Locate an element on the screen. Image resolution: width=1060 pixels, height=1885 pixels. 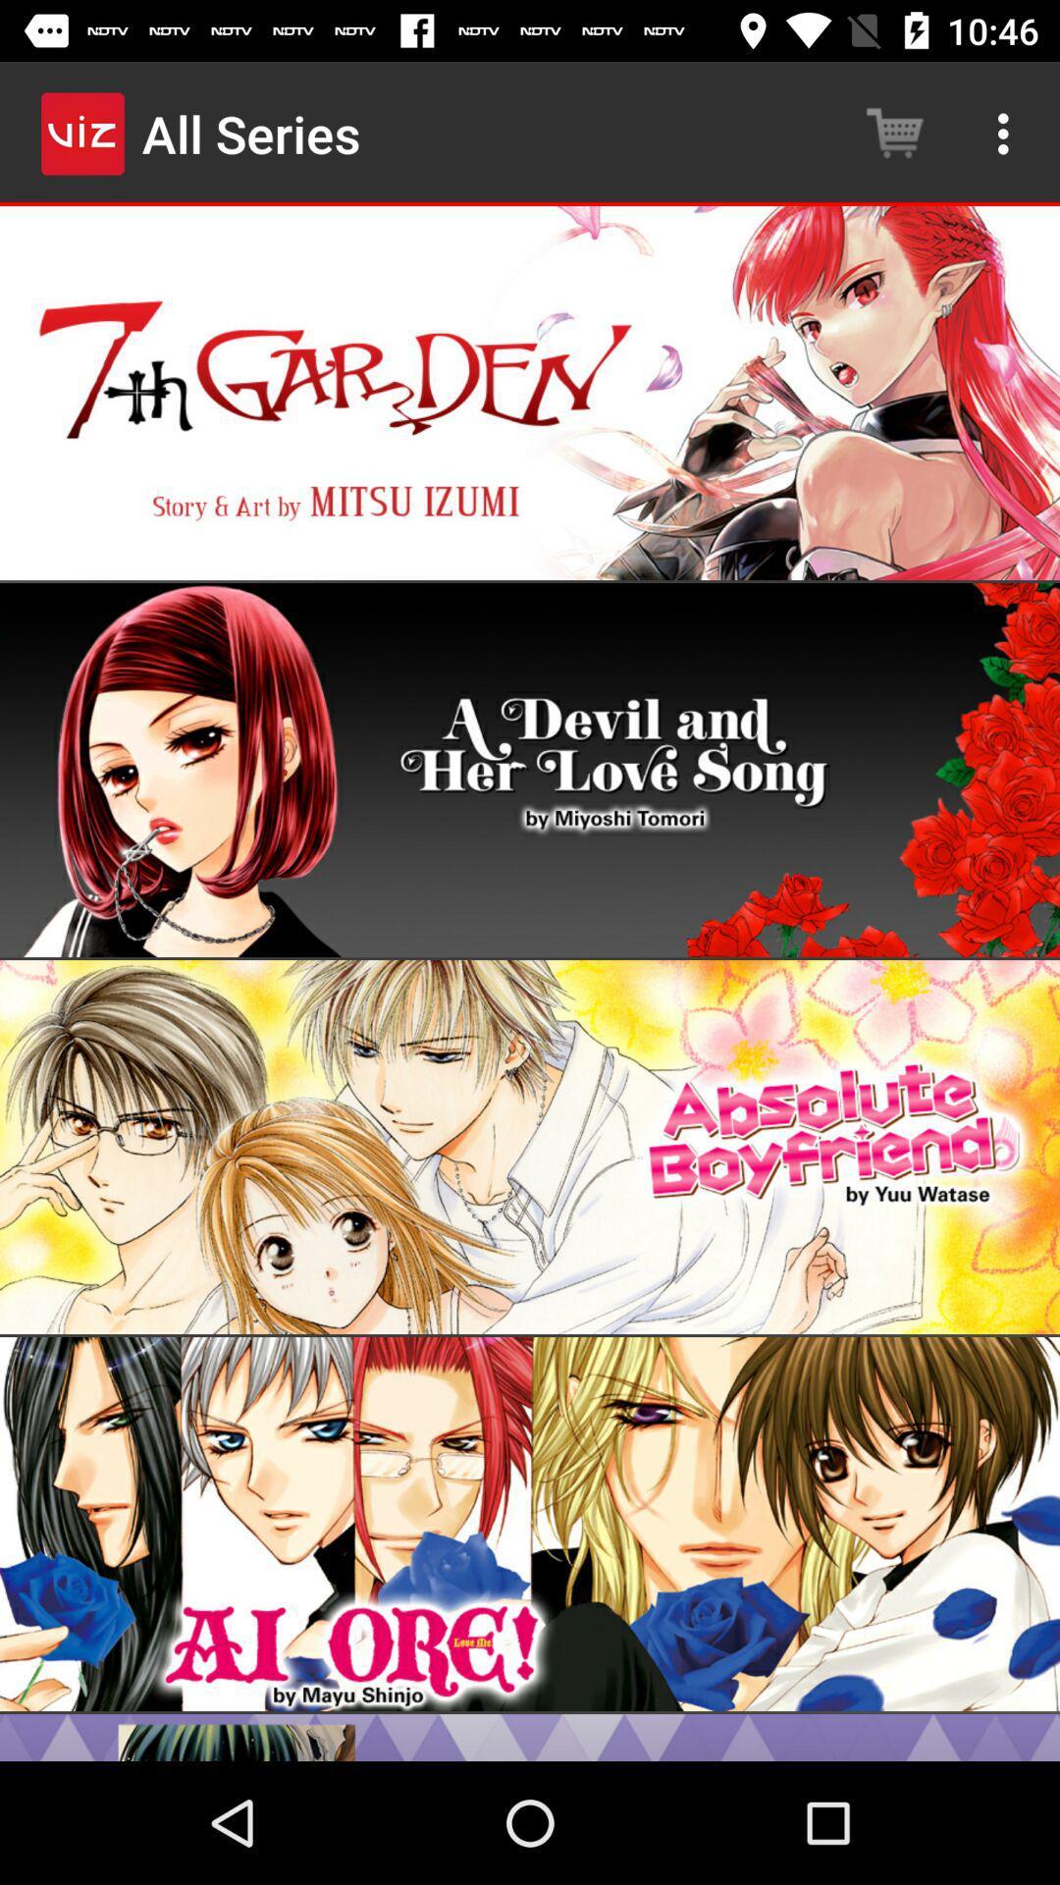
item next to the all series item is located at coordinates (894, 133).